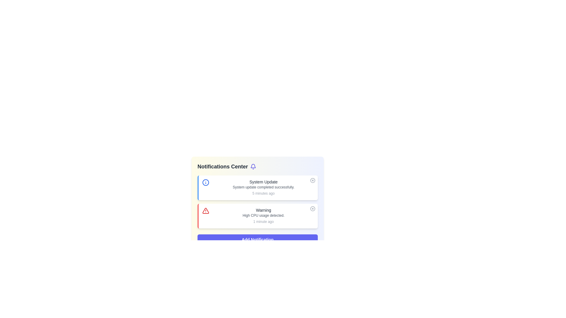  What do you see at coordinates (312, 180) in the screenshot?
I see `the small circular 'X' button located at the top-right corner of the 'System Update' notification card` at bounding box center [312, 180].